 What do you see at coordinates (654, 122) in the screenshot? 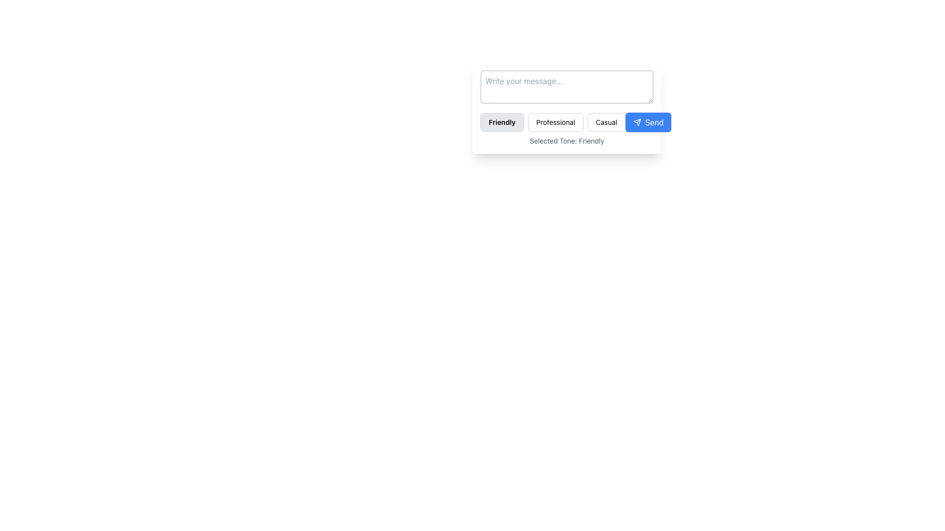
I see `the button labeled 'Send' which is a text label located on the rightmost side of the button group for composing and sending messages` at bounding box center [654, 122].